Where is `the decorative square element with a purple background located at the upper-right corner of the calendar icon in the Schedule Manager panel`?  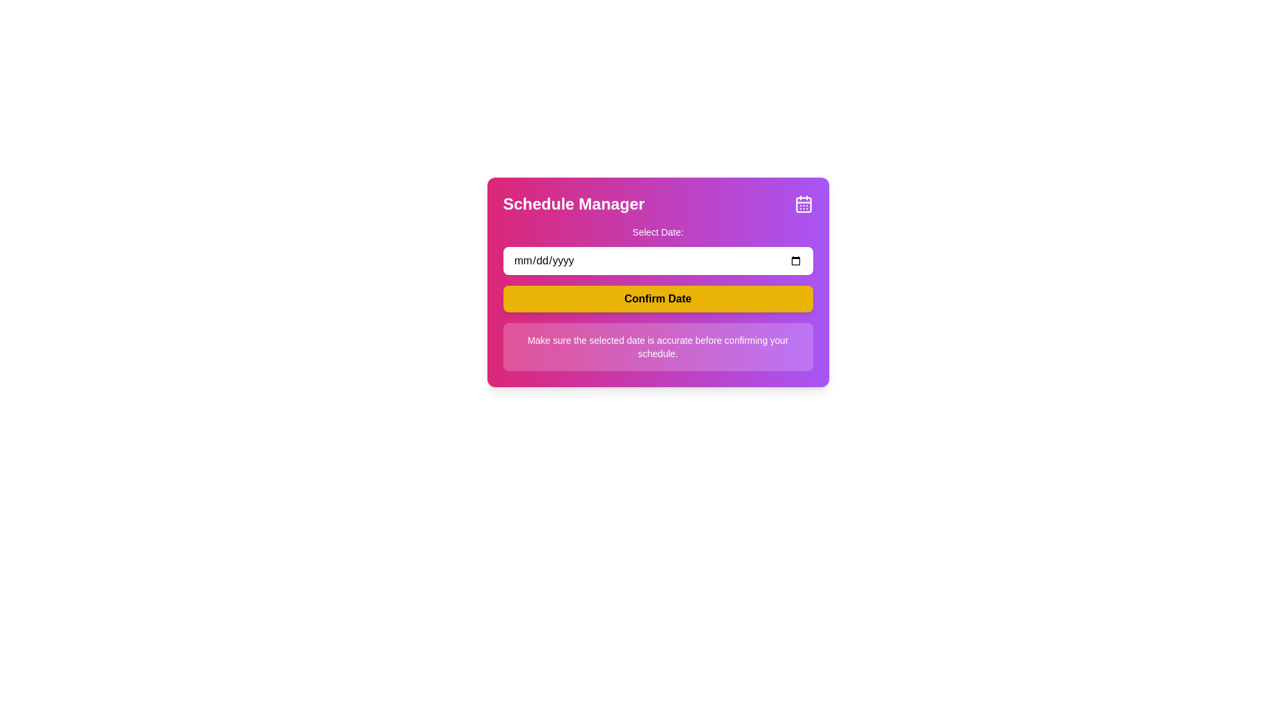 the decorative square element with a purple background located at the upper-right corner of the calendar icon in the Schedule Manager panel is located at coordinates (803, 205).